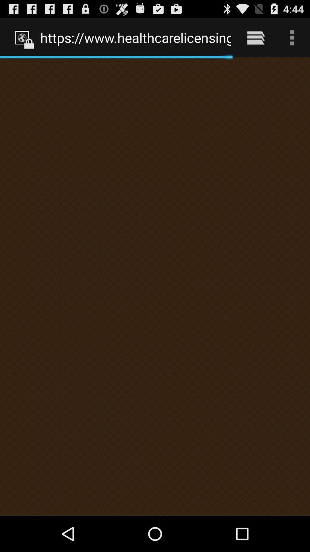 The width and height of the screenshot is (310, 552). Describe the element at coordinates (135, 37) in the screenshot. I see `the https www healthcarelicensing item` at that location.